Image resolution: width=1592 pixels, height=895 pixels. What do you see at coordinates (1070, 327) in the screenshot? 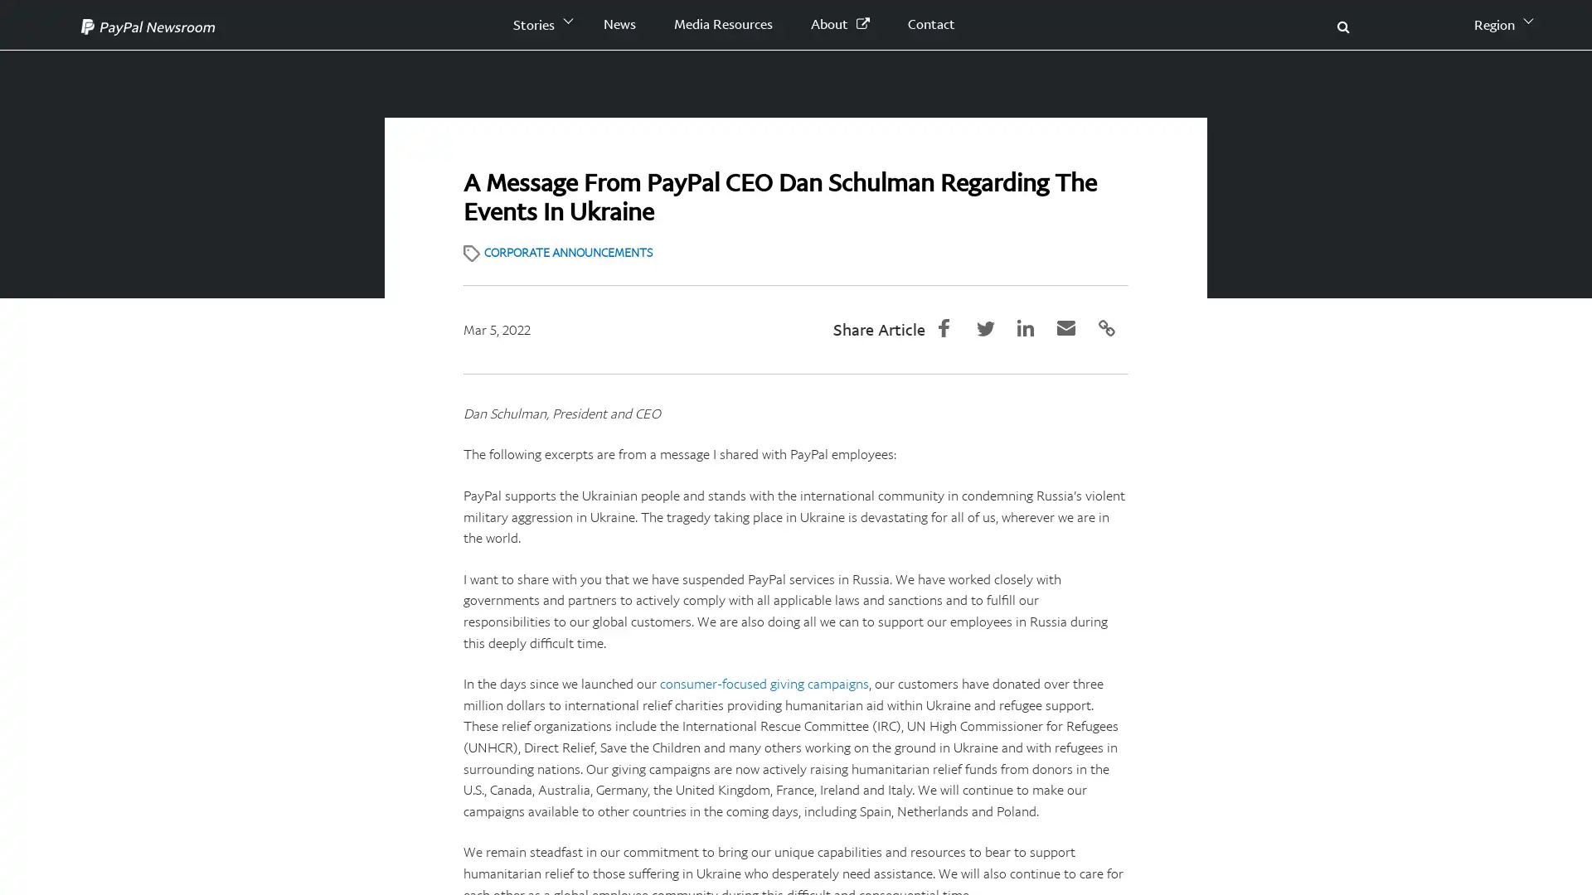
I see `Share to Email` at bounding box center [1070, 327].